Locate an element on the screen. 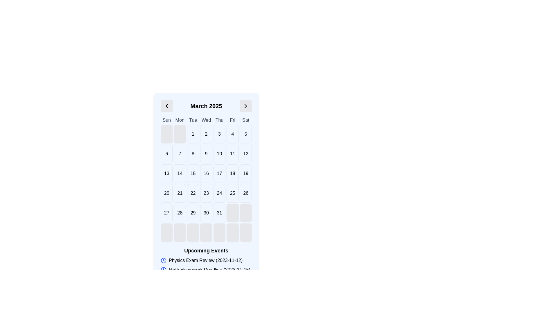 The image size is (557, 313). attributes of the Placeholder cell located in the bottom row, second column of the calendar grid, characterized by its muted gray background and rounded corners is located at coordinates (180, 232).